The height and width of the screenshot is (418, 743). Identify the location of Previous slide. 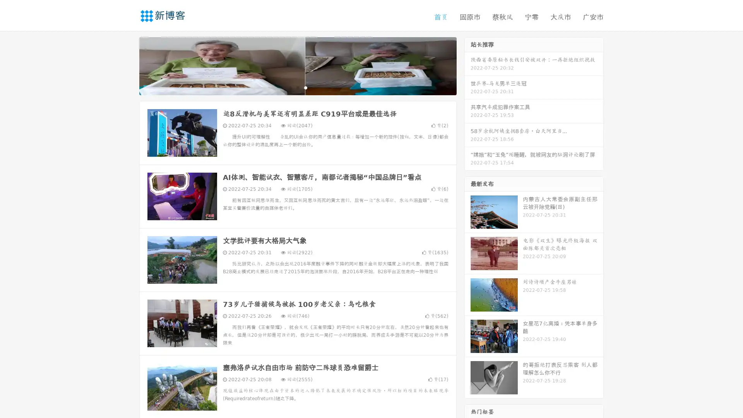
(128, 65).